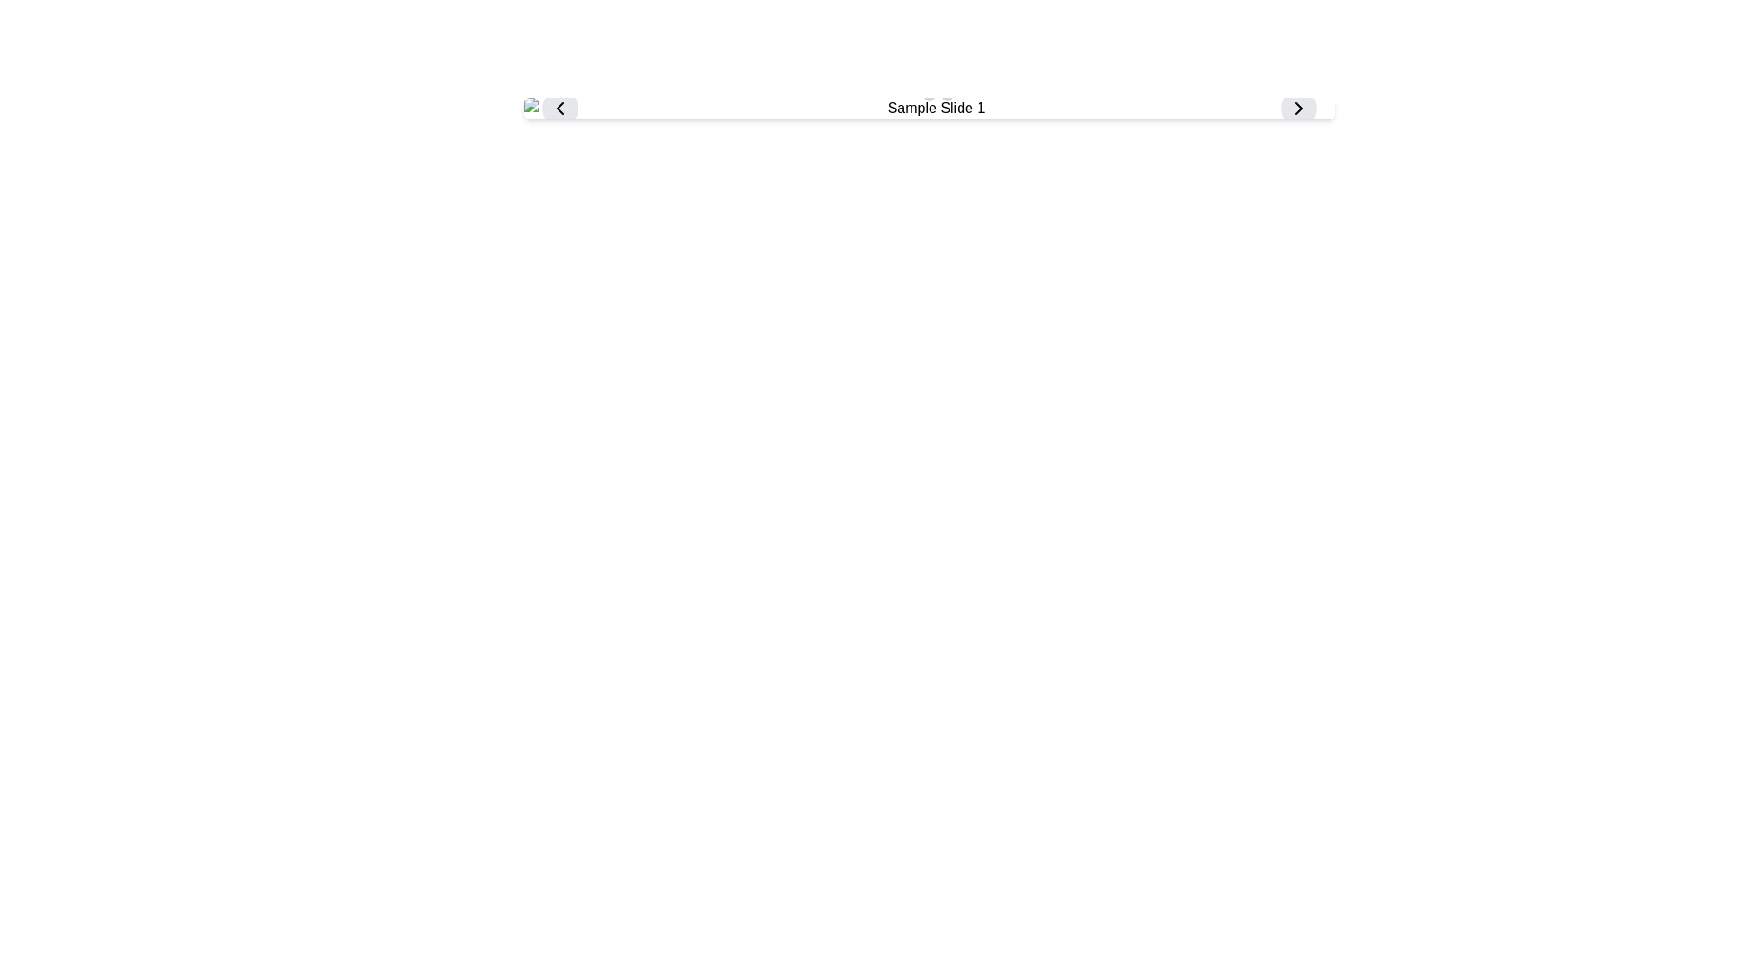 This screenshot has height=977, width=1738. What do you see at coordinates (1297, 108) in the screenshot?
I see `the rightward-pointing chevron icon located at the far-right side of the navigation bar` at bounding box center [1297, 108].